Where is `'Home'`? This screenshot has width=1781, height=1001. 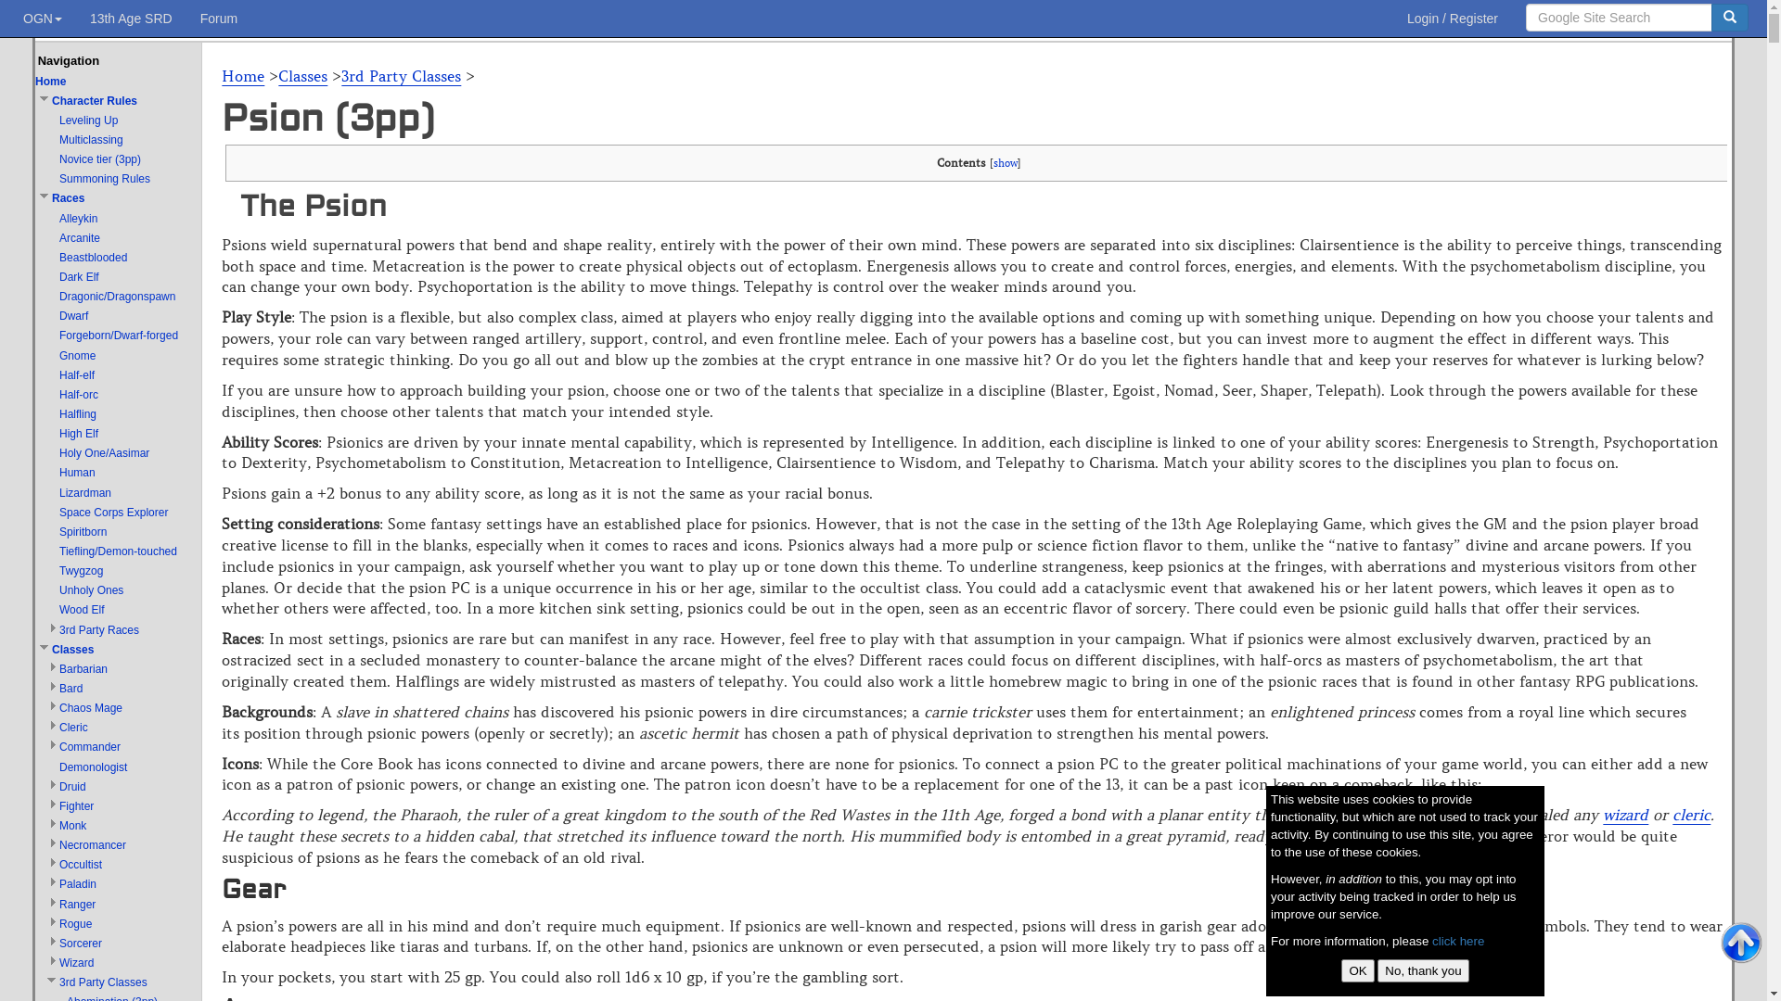
'Home' is located at coordinates (242, 74).